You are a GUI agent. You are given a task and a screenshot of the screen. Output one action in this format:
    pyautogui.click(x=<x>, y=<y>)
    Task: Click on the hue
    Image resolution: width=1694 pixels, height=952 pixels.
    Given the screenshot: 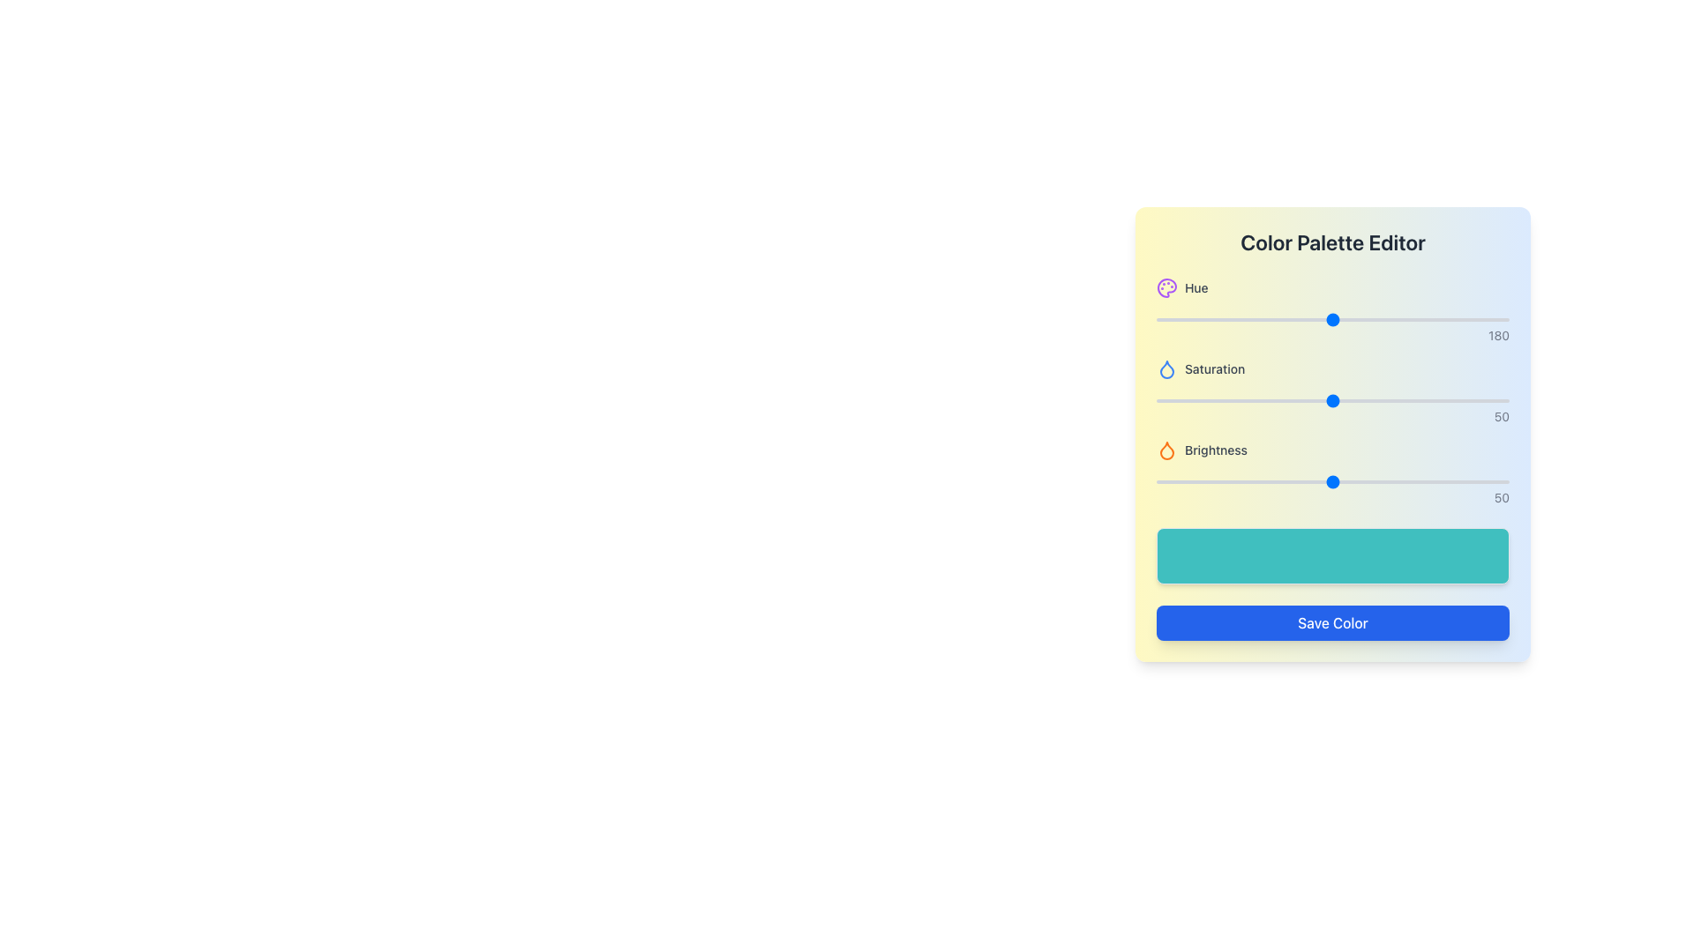 What is the action you would take?
    pyautogui.click(x=1167, y=319)
    